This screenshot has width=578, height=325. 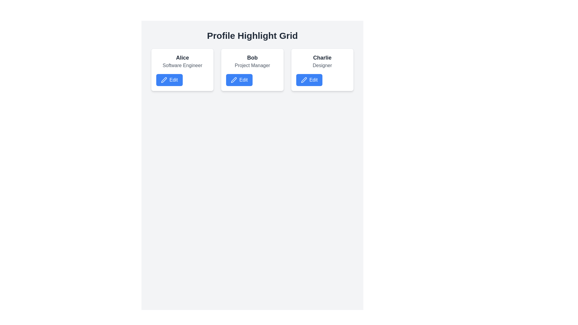 I want to click on the 'Edit' icon located at the bottom left of the 'Edit' button for Bob's profile card, so click(x=234, y=80).